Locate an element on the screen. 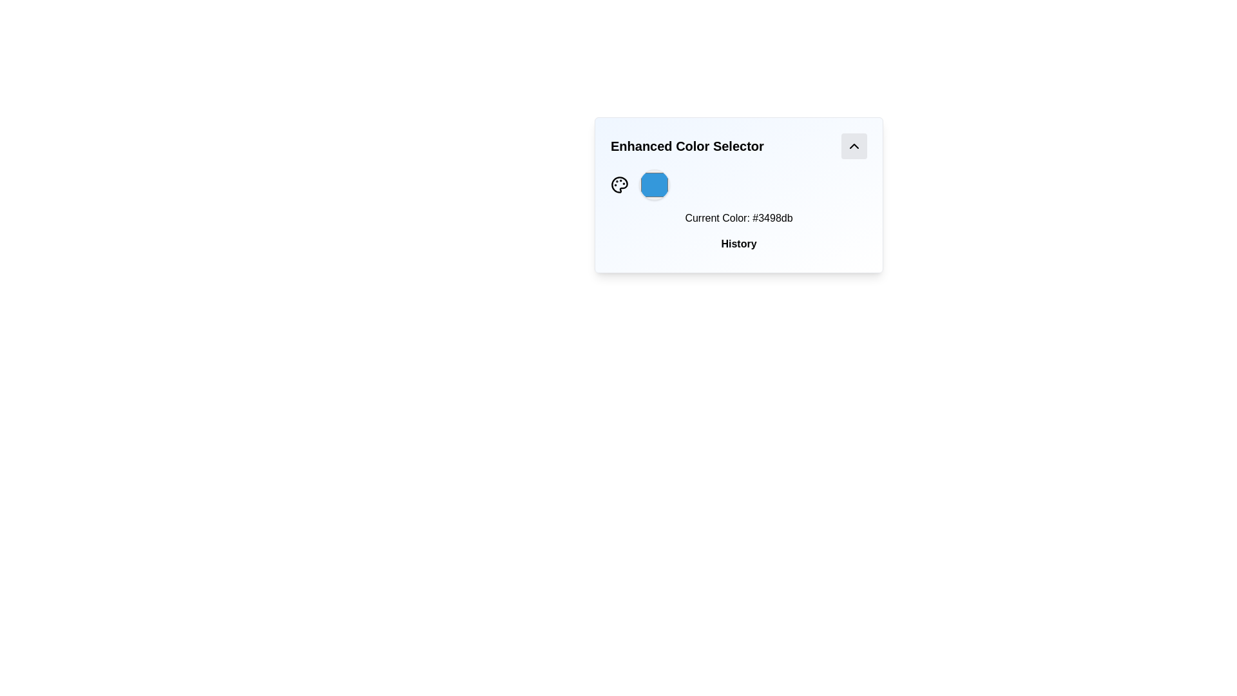 The image size is (1237, 696). the palette icon located in the 'Enhanced Color Selector' panel near the blue color preview is located at coordinates (619, 184).